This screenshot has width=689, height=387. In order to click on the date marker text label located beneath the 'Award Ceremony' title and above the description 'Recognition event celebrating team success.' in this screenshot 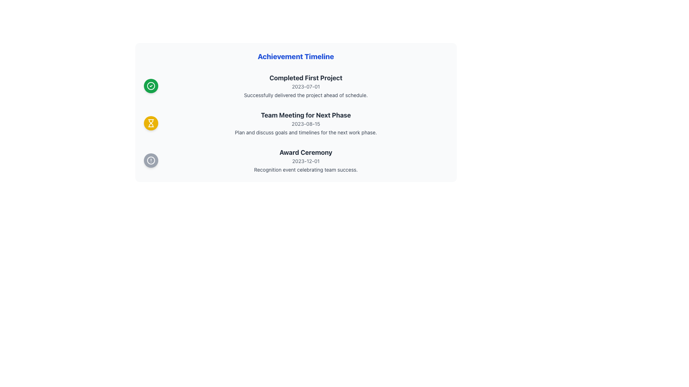, I will do `click(306, 161)`.